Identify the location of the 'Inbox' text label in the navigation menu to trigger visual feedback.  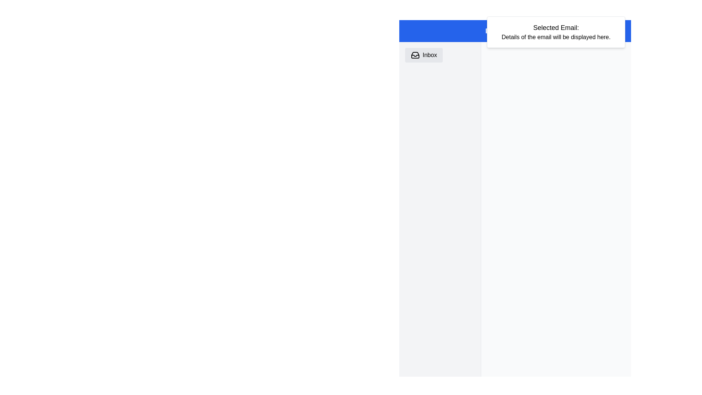
(430, 54).